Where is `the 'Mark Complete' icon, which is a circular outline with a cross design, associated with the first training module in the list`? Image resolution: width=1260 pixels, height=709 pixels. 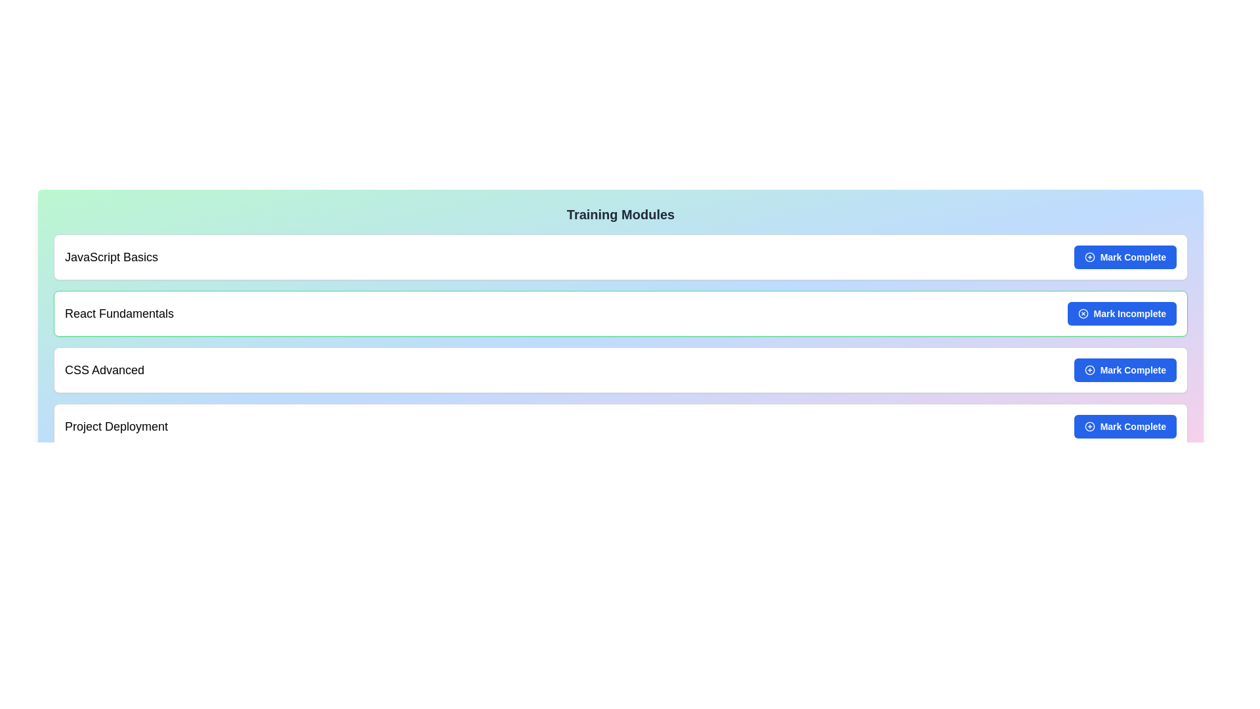 the 'Mark Complete' icon, which is a circular outline with a cross design, associated with the first training module in the list is located at coordinates (1089, 257).